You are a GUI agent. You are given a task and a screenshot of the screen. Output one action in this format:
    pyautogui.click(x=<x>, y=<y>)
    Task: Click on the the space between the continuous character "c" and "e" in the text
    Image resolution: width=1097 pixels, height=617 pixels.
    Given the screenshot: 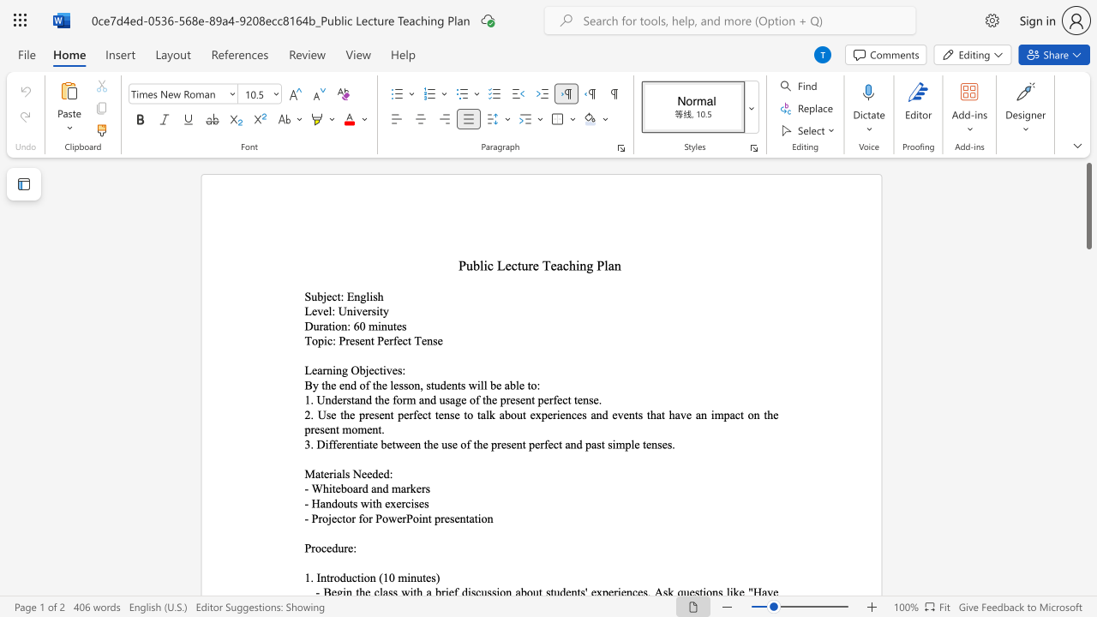 What is the action you would take?
    pyautogui.click(x=327, y=548)
    